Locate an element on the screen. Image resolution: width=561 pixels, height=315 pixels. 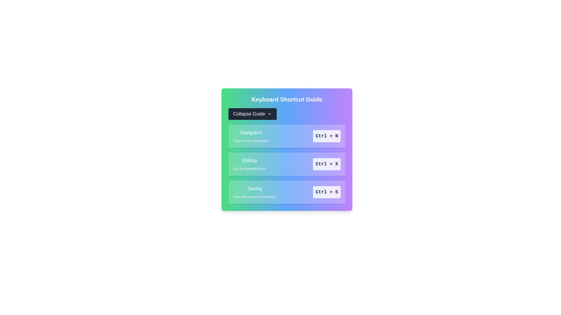
the informational text that describes the functionality of saving a document, located below the 'Saving' label in the lower section of the interface is located at coordinates (254, 197).